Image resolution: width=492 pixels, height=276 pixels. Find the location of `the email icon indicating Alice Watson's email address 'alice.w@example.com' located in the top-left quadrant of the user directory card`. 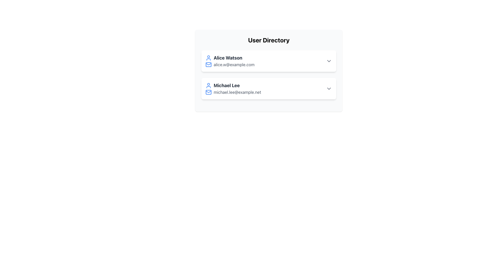

the email icon indicating Alice Watson's email address 'alice.w@example.com' located in the top-left quadrant of the user directory card is located at coordinates (209, 64).